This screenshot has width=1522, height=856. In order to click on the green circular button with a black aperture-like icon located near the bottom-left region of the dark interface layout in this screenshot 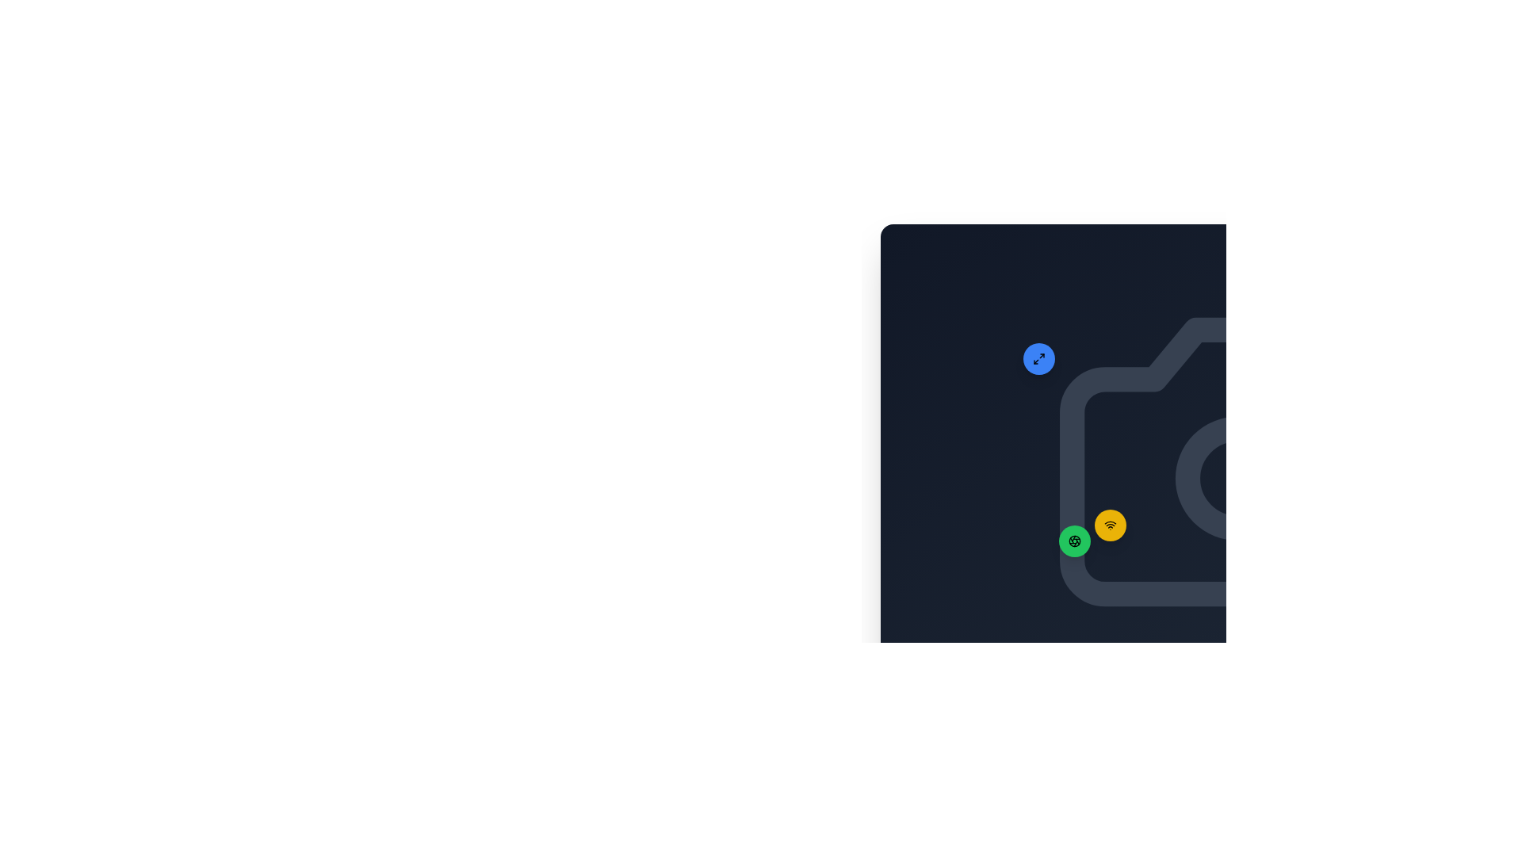, I will do `click(1075, 540)`.